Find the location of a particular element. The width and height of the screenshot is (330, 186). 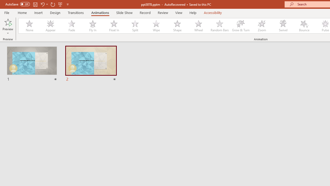

'Shape' is located at coordinates (177, 26).